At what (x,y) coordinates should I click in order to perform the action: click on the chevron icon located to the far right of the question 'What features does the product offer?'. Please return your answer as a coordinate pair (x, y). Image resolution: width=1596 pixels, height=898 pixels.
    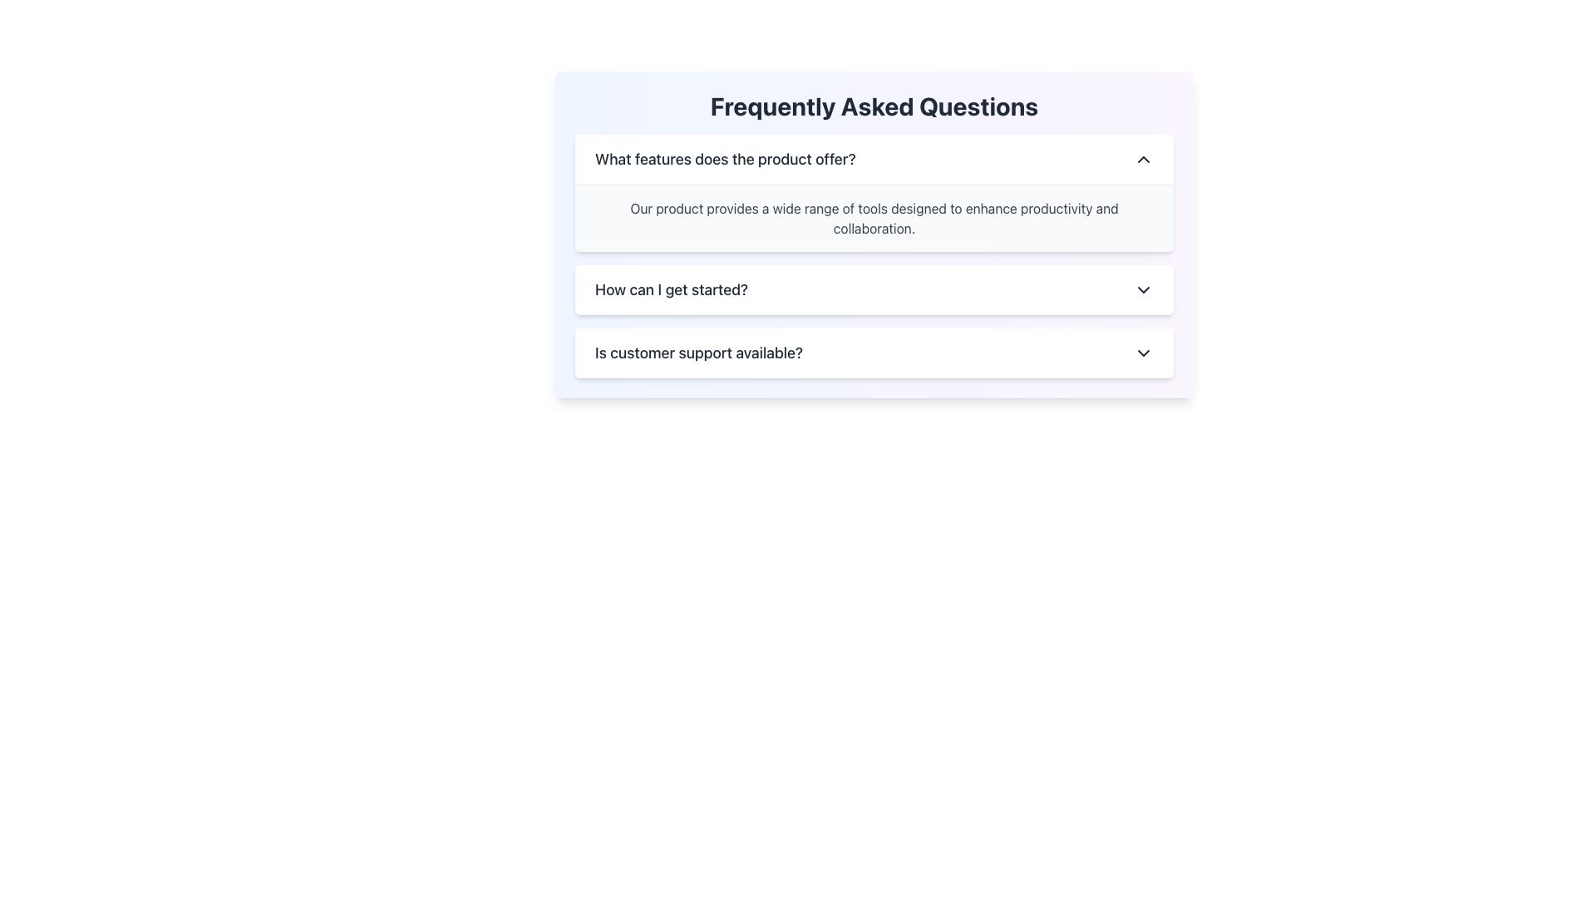
    Looking at the image, I should click on (1143, 160).